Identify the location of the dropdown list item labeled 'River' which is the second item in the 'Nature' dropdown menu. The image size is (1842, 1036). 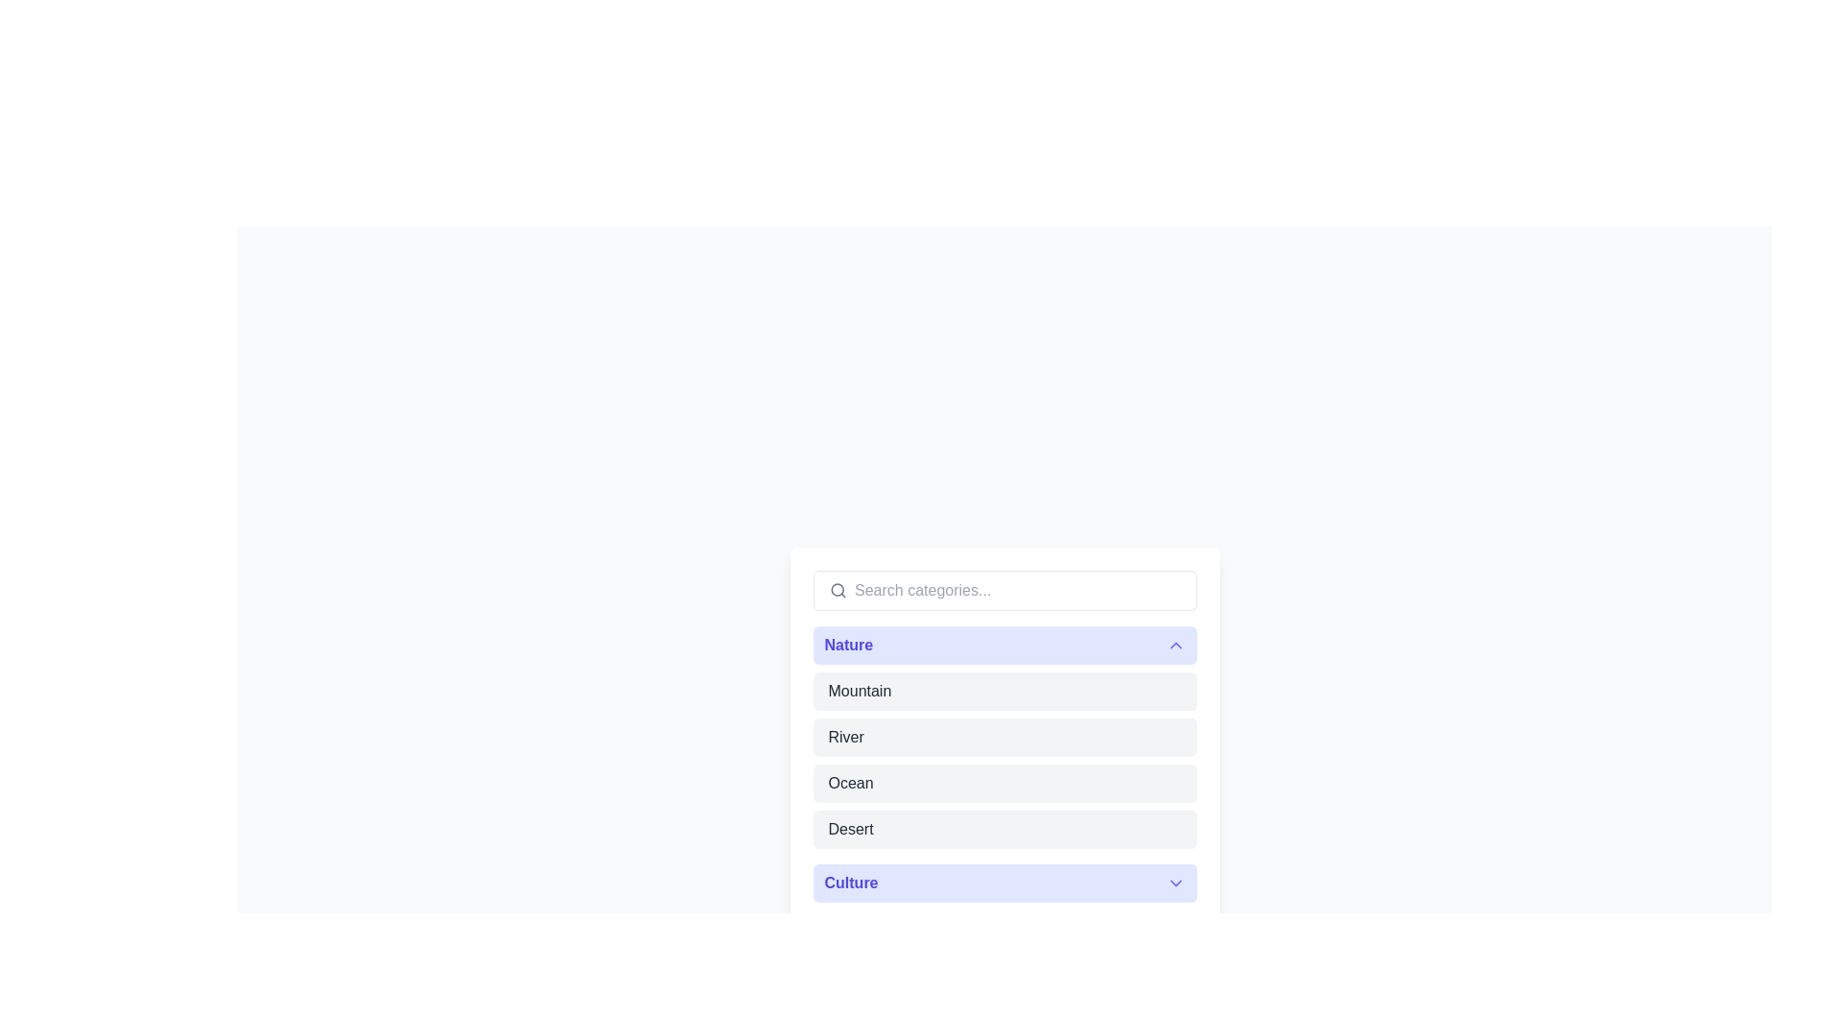
(1004, 736).